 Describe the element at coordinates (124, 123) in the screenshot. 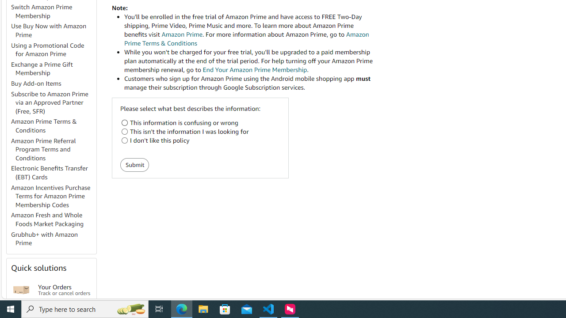

I see `'This information is confusing or wrong'` at that location.